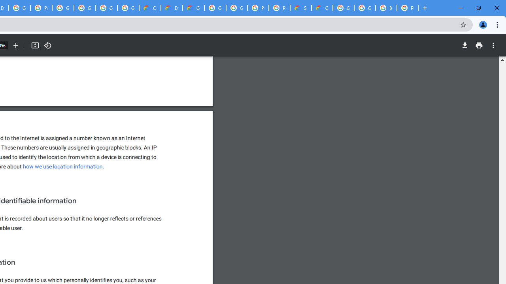  What do you see at coordinates (236, 8) in the screenshot?
I see `'Google Cloud Platform'` at bounding box center [236, 8].